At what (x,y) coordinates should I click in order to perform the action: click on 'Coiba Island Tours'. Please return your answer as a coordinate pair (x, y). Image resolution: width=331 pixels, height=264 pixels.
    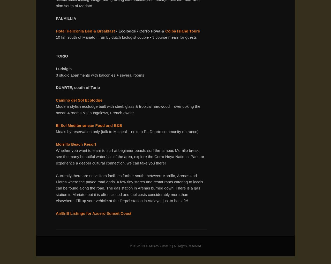
    Looking at the image, I should click on (183, 31).